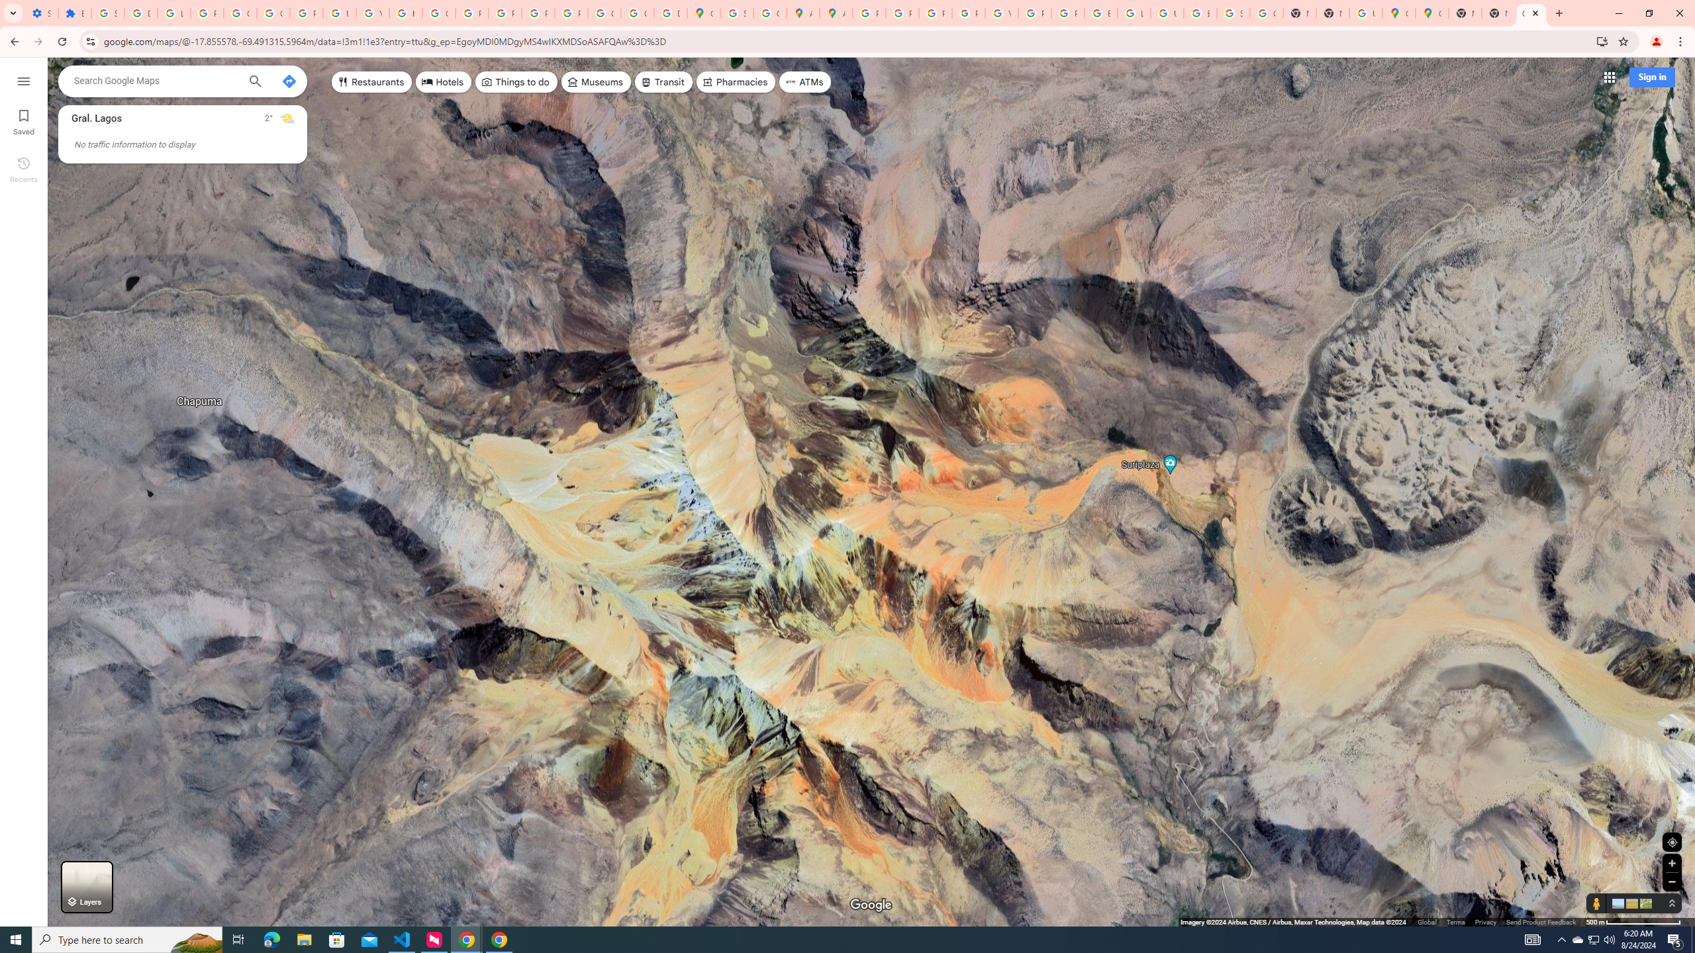  Describe the element at coordinates (86, 887) in the screenshot. I see `'Layers'` at that location.